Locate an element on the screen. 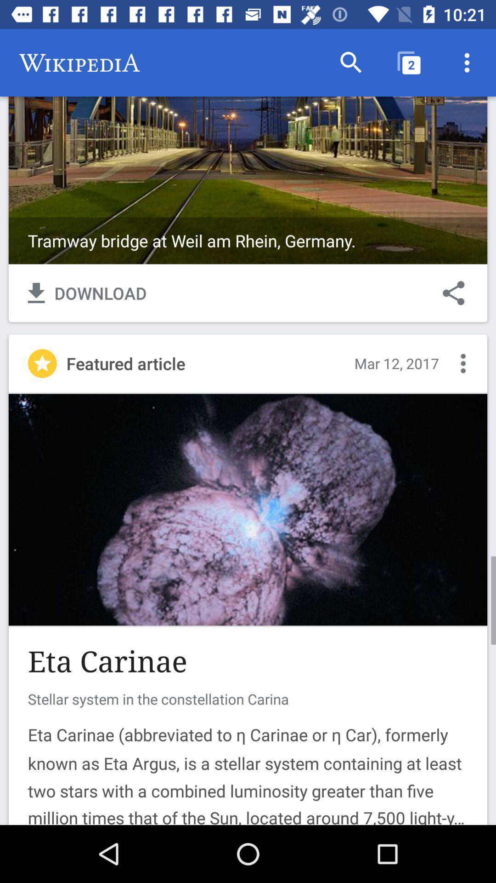  the icon to the right of download item is located at coordinates (453, 292).